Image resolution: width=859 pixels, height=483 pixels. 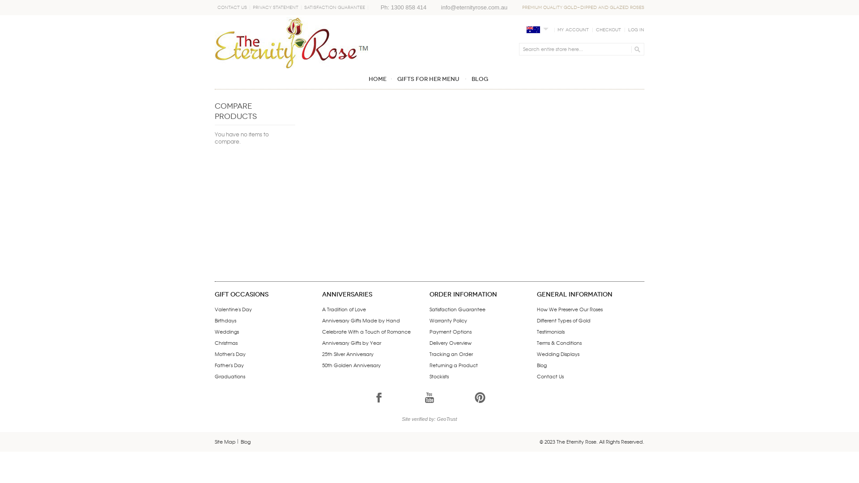 I want to click on 'Payment Options', so click(x=451, y=331).